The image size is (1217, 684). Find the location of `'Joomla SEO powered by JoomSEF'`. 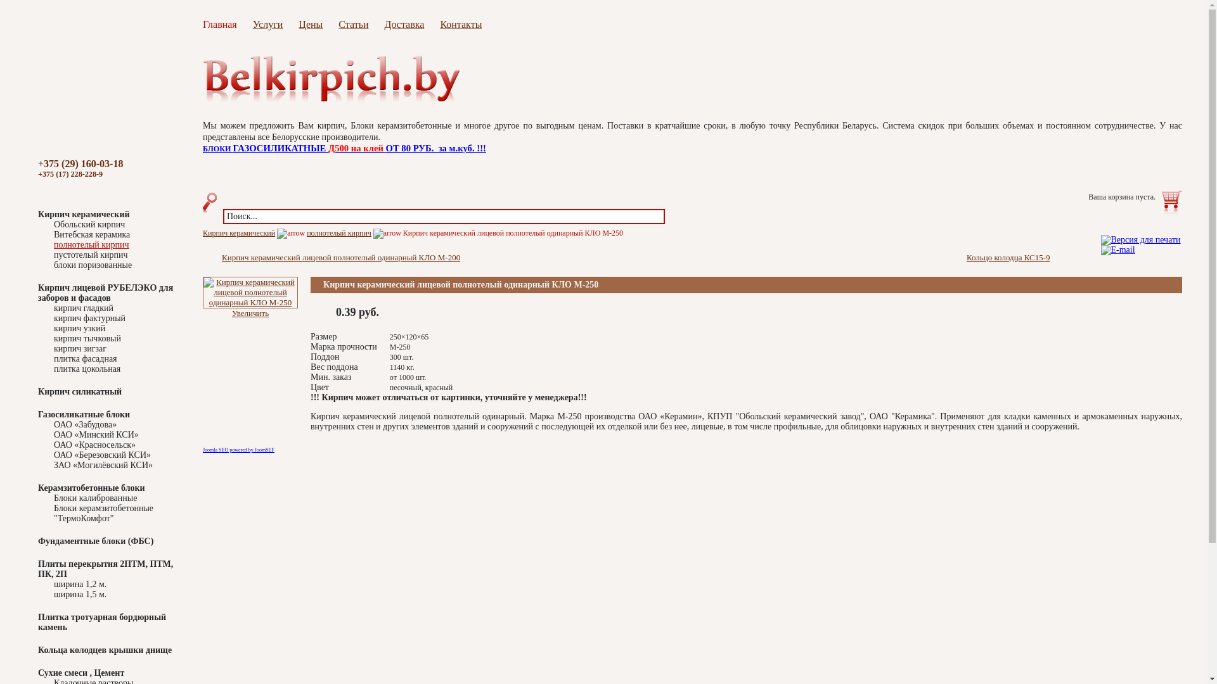

'Joomla SEO powered by JoomSEF' is located at coordinates (238, 449).